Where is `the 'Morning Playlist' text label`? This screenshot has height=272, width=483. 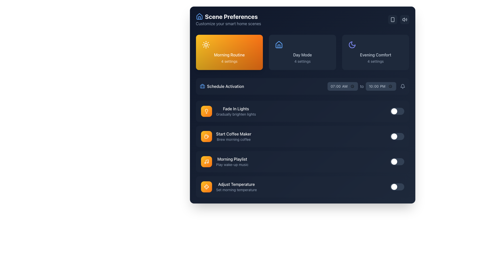 the 'Morning Playlist' text label is located at coordinates (232, 159).